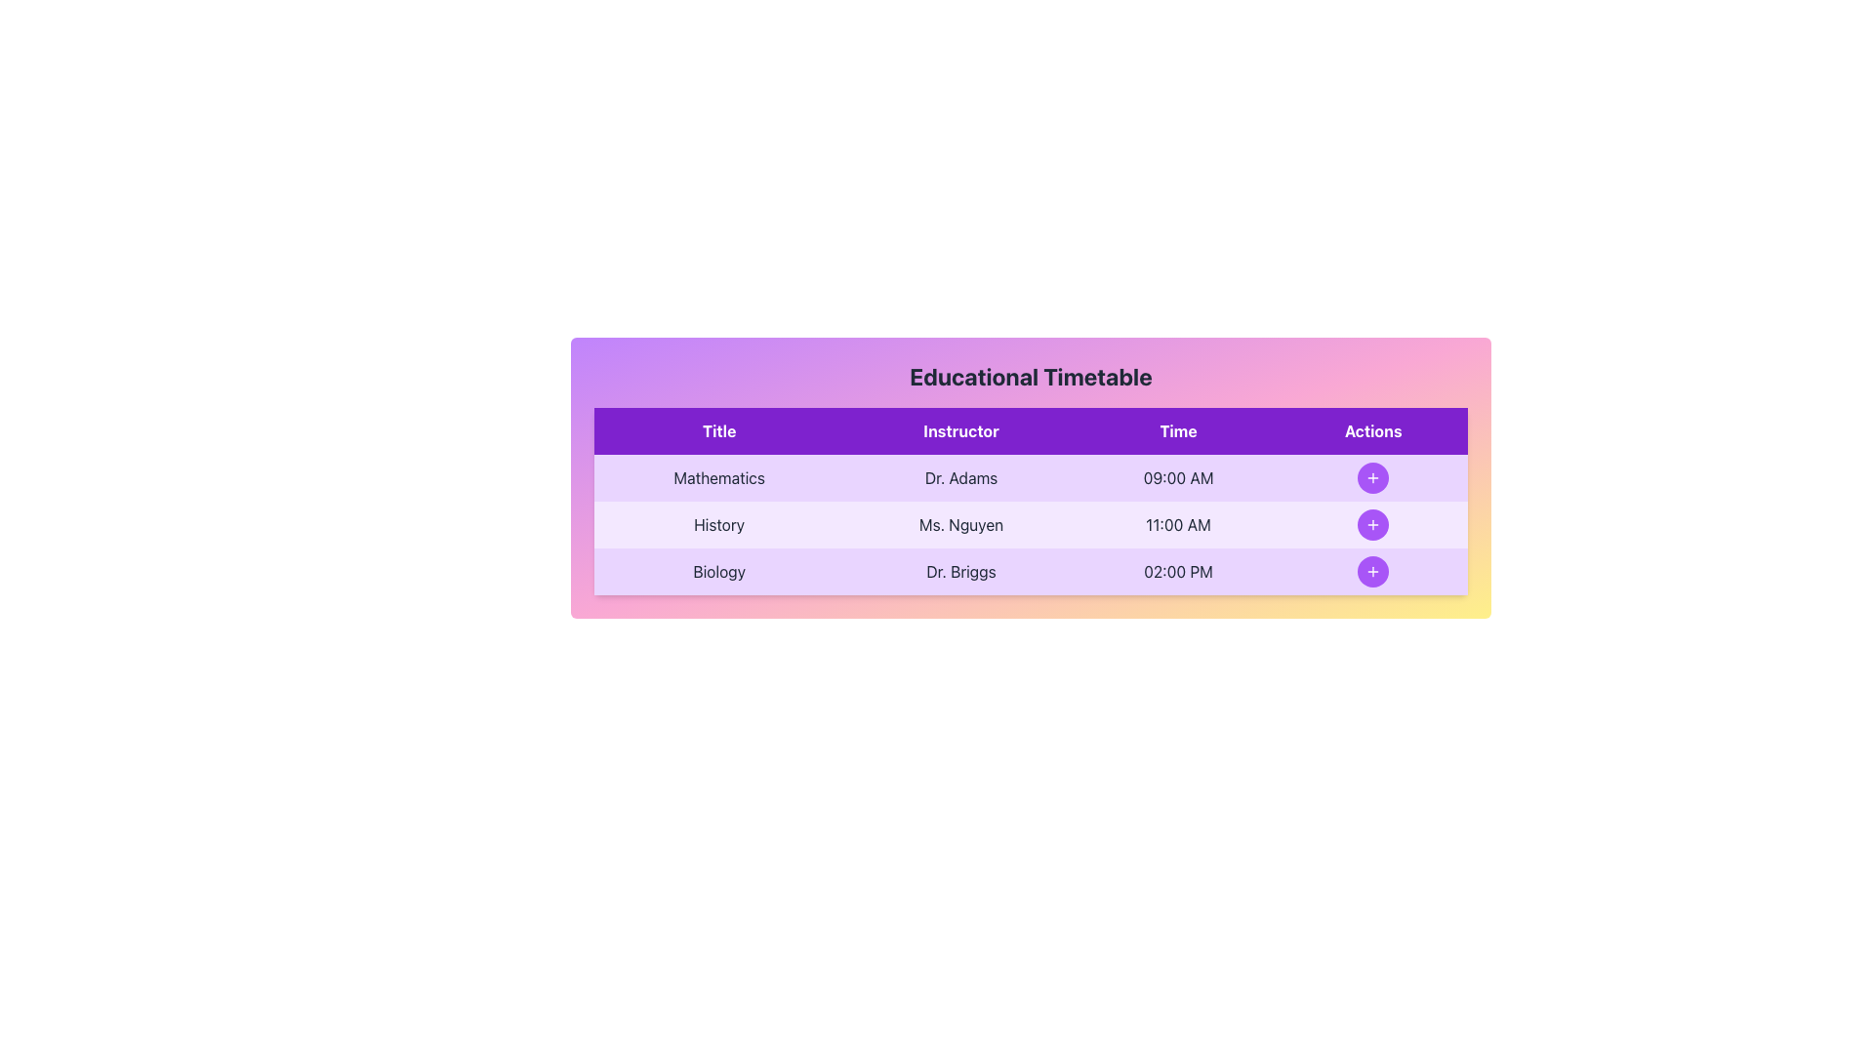 The image size is (1874, 1054). What do you see at coordinates (718, 571) in the screenshot?
I see `the 'Biology' label which displays the title of a session in the timetable interface located in the first cell of the third row under the 'Title' column` at bounding box center [718, 571].